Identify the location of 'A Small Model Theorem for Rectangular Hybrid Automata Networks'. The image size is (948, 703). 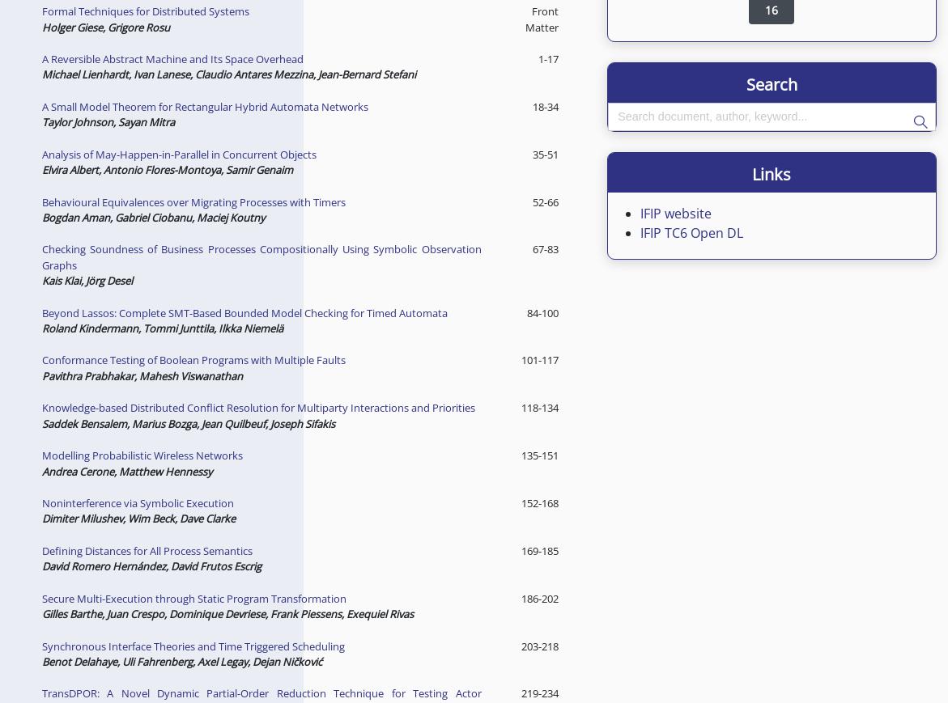
(204, 104).